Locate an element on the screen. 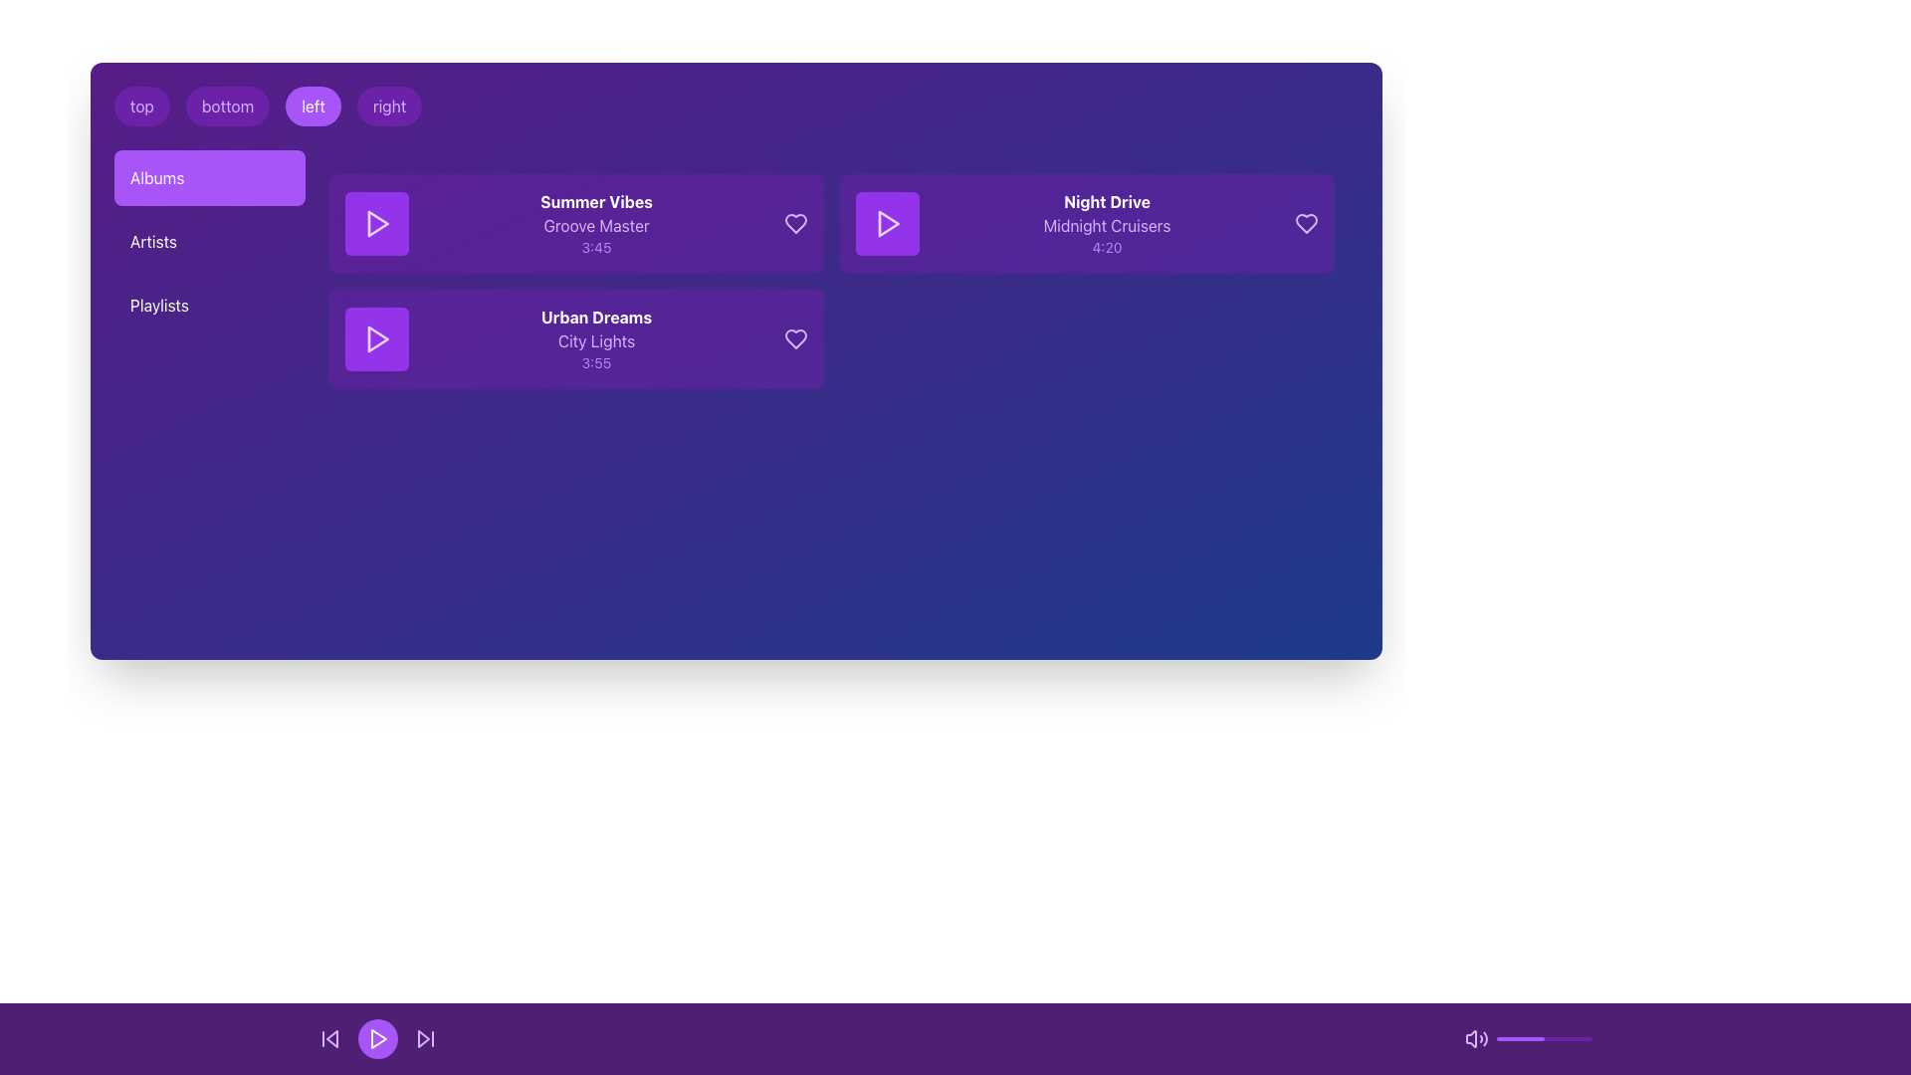 This screenshot has width=1911, height=1075. the text block displaying 'Urban Dreams', 'City Lights', and '3:55' on a vibrant purple background, located within the second block of music tracks is located at coordinates (595, 337).